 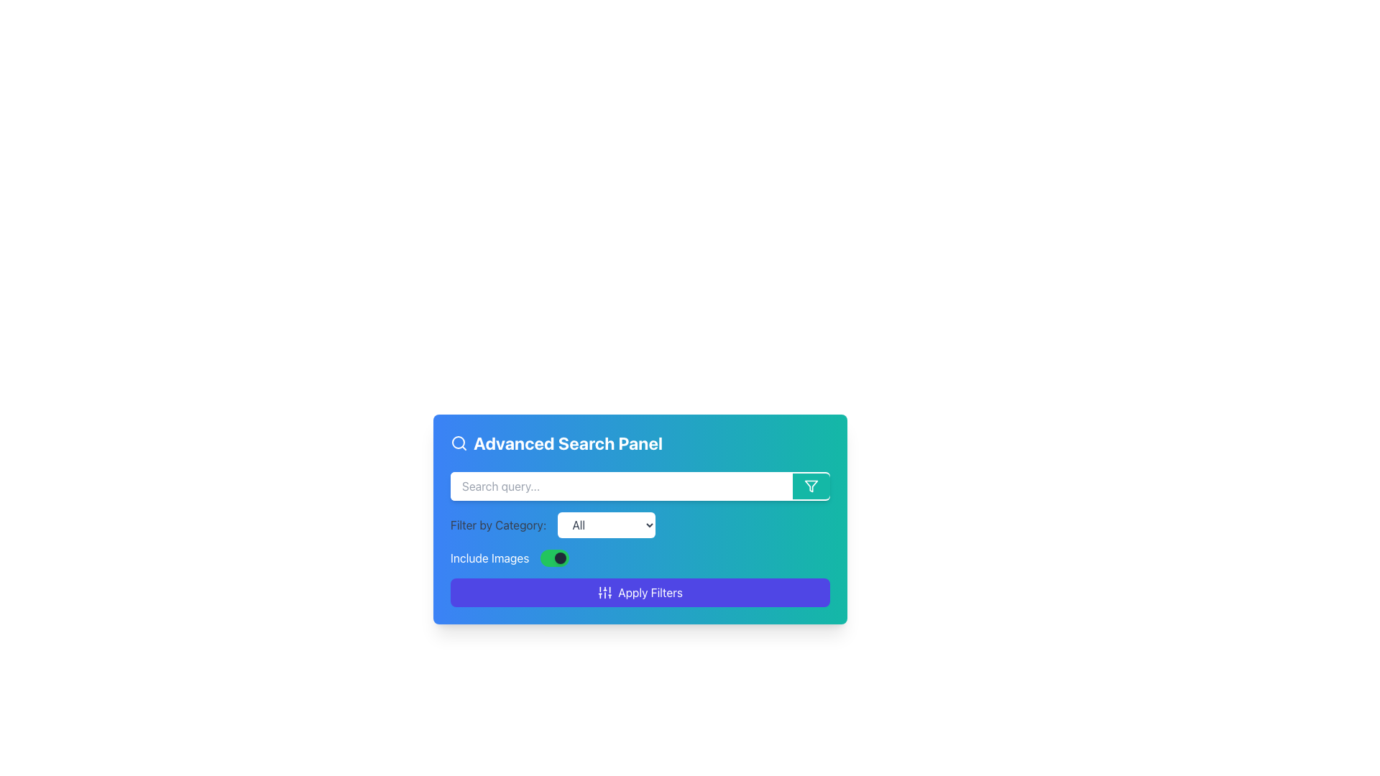 What do you see at coordinates (458, 443) in the screenshot?
I see `the magnifying glass SVG icon located to the immediate left of the 'Advanced Search Panel' text` at bounding box center [458, 443].